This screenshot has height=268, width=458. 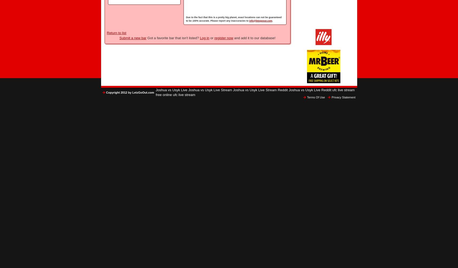 What do you see at coordinates (211, 38) in the screenshot?
I see `'or'` at bounding box center [211, 38].